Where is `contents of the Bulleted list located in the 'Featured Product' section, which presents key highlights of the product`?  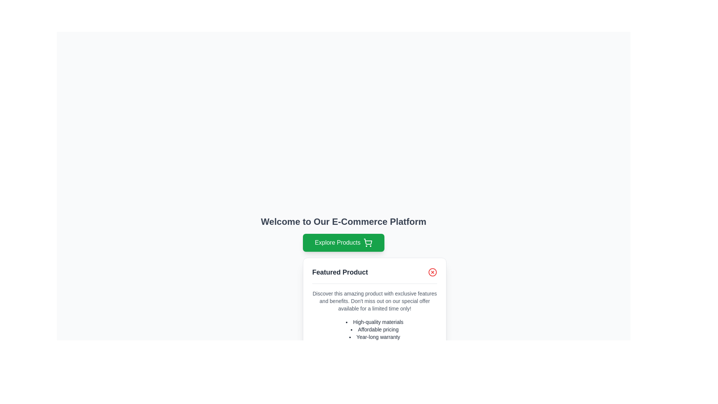
contents of the Bulleted list located in the 'Featured Product' section, which presents key highlights of the product is located at coordinates (375, 329).